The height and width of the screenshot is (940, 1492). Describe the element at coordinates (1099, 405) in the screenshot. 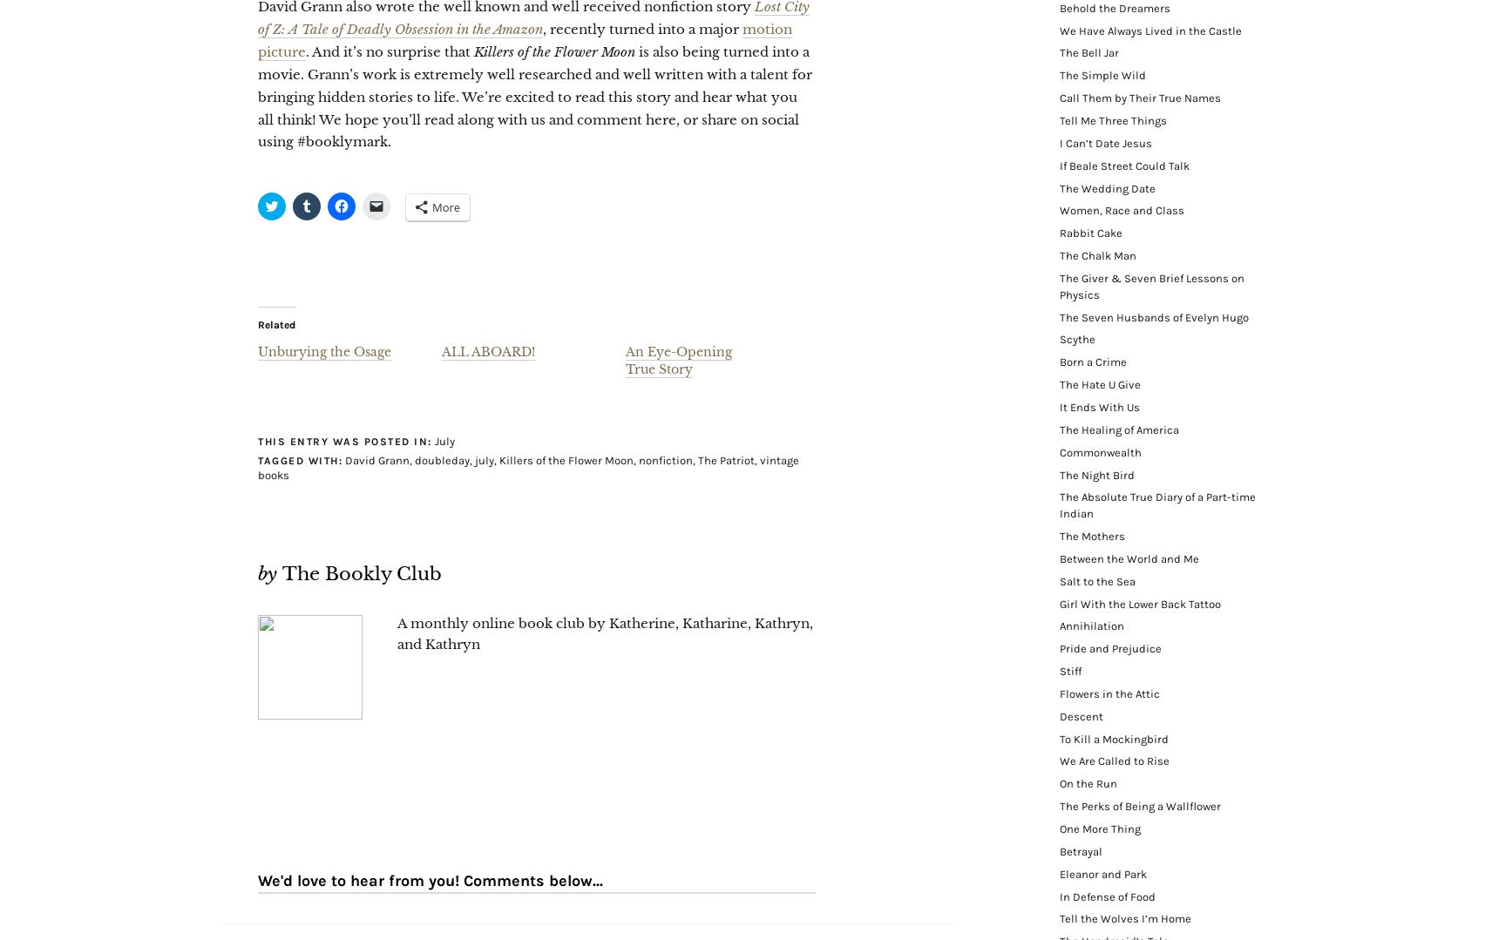

I see `'It Ends With Us'` at that location.